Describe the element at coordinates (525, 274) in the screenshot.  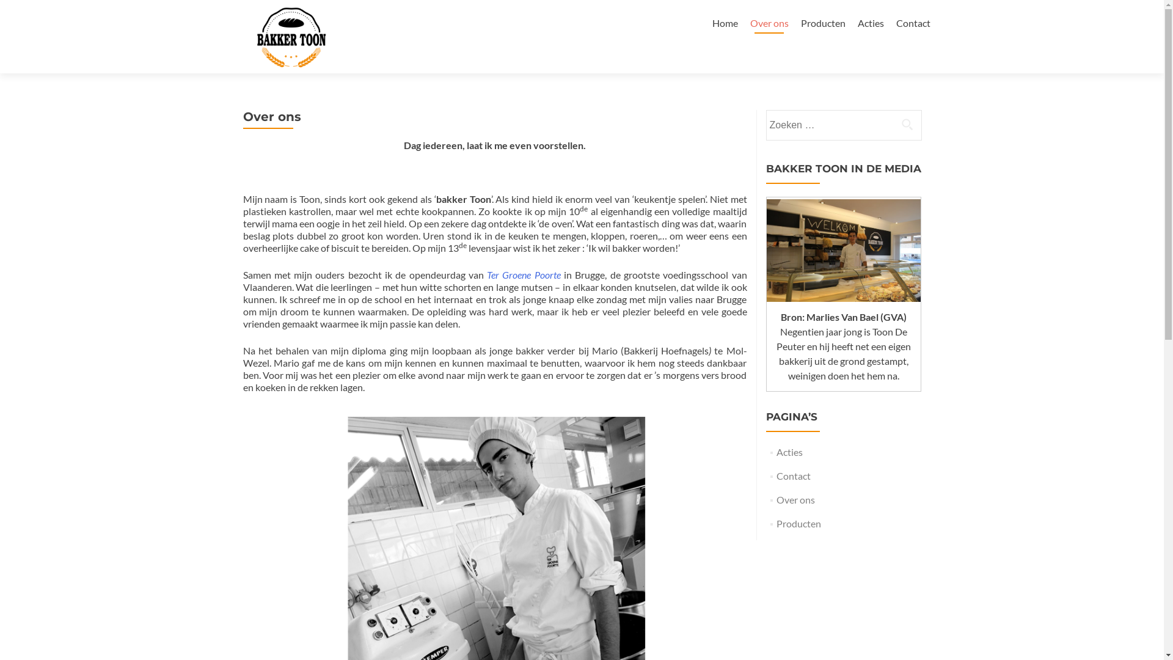
I see `'Ter Groene Poorte'` at that location.